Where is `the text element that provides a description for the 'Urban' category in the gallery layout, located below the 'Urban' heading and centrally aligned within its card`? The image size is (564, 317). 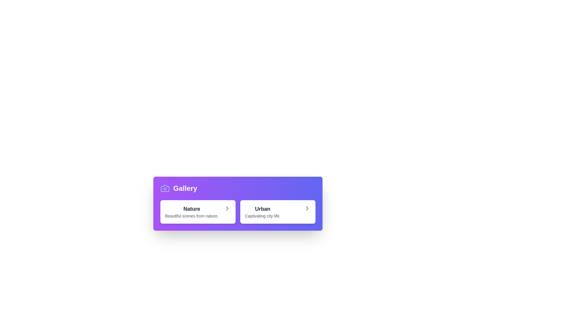
the text element that provides a description for the 'Urban' category in the gallery layout, located below the 'Urban' heading and centrally aligned within its card is located at coordinates (262, 216).